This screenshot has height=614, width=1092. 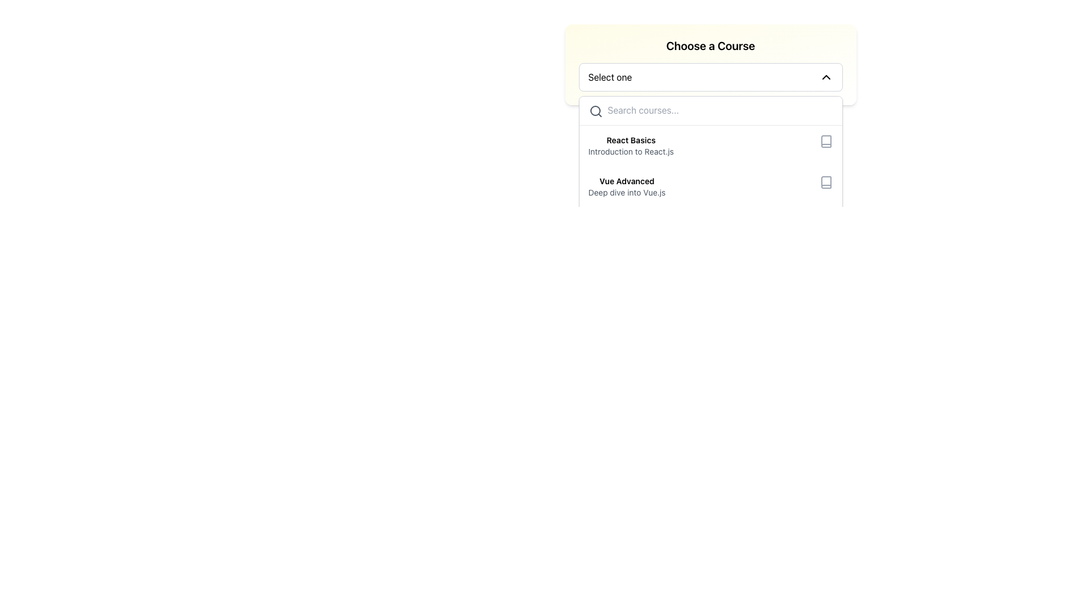 What do you see at coordinates (826, 77) in the screenshot?
I see `the Chevron Down icon located on the far right inside the 'Select one' dropdown box` at bounding box center [826, 77].